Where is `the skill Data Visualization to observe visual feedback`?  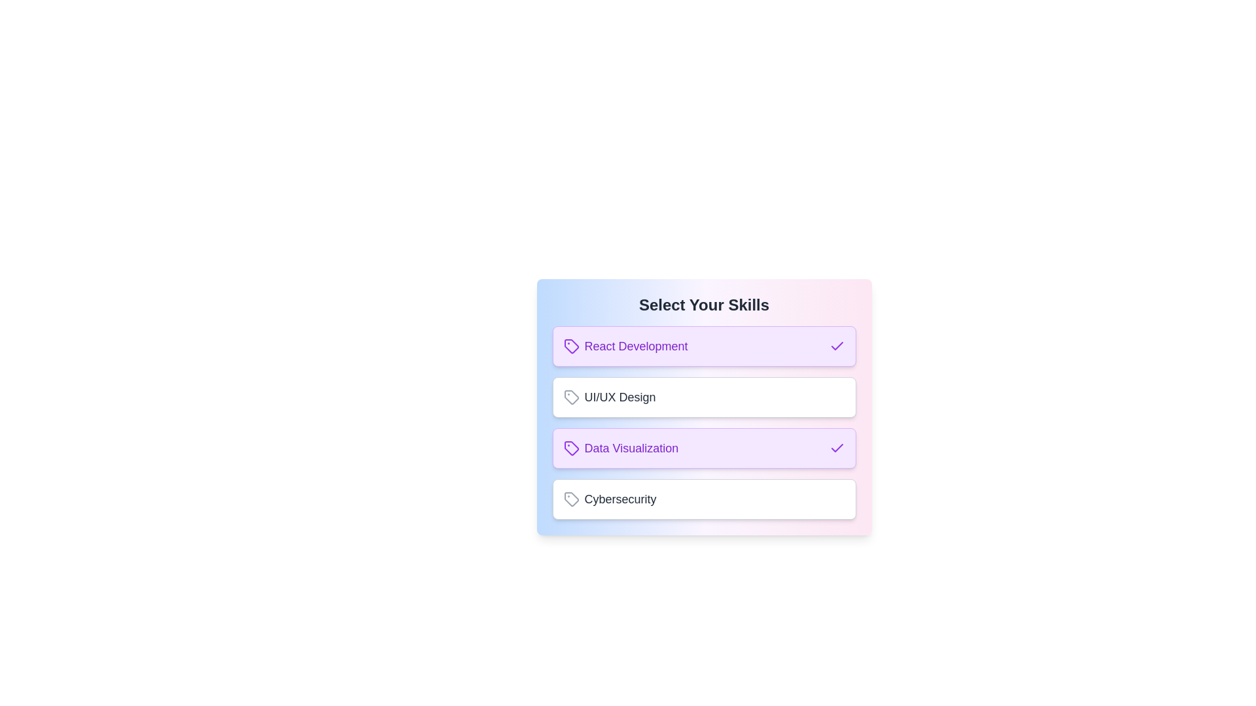
the skill Data Visualization to observe visual feedback is located at coordinates (703, 448).